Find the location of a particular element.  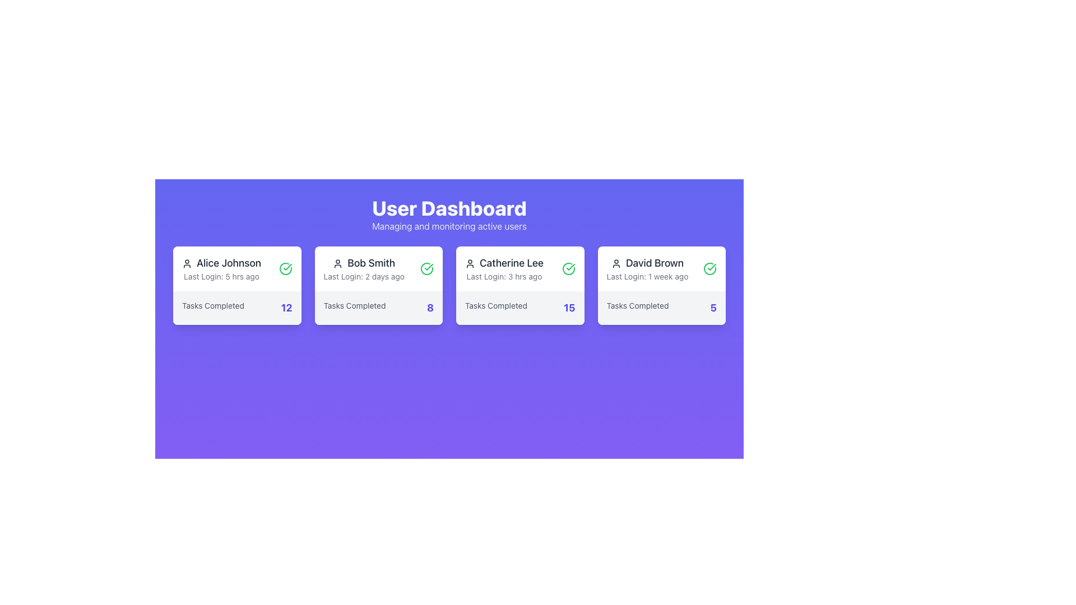

the user icon representing 'Catherine Lee' located to the left of the text 'Catherine Lee' in the top section of the card on the dashboard is located at coordinates (470, 263).